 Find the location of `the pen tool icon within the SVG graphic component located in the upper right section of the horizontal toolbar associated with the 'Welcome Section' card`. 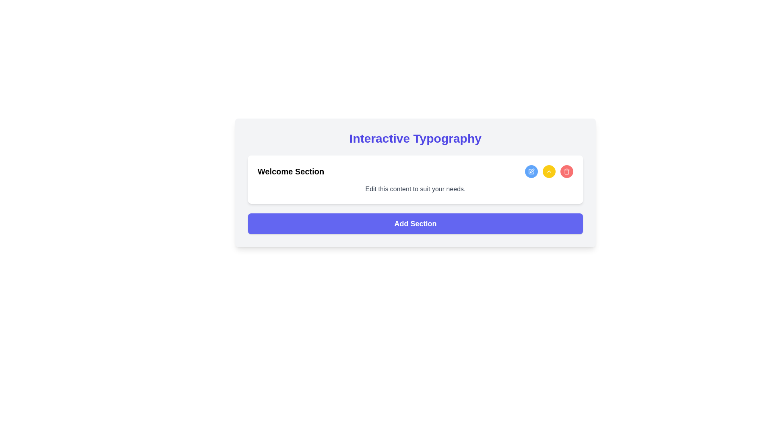

the pen tool icon within the SVG graphic component located in the upper right section of the horizontal toolbar associated with the 'Welcome Section' card is located at coordinates (532, 170).